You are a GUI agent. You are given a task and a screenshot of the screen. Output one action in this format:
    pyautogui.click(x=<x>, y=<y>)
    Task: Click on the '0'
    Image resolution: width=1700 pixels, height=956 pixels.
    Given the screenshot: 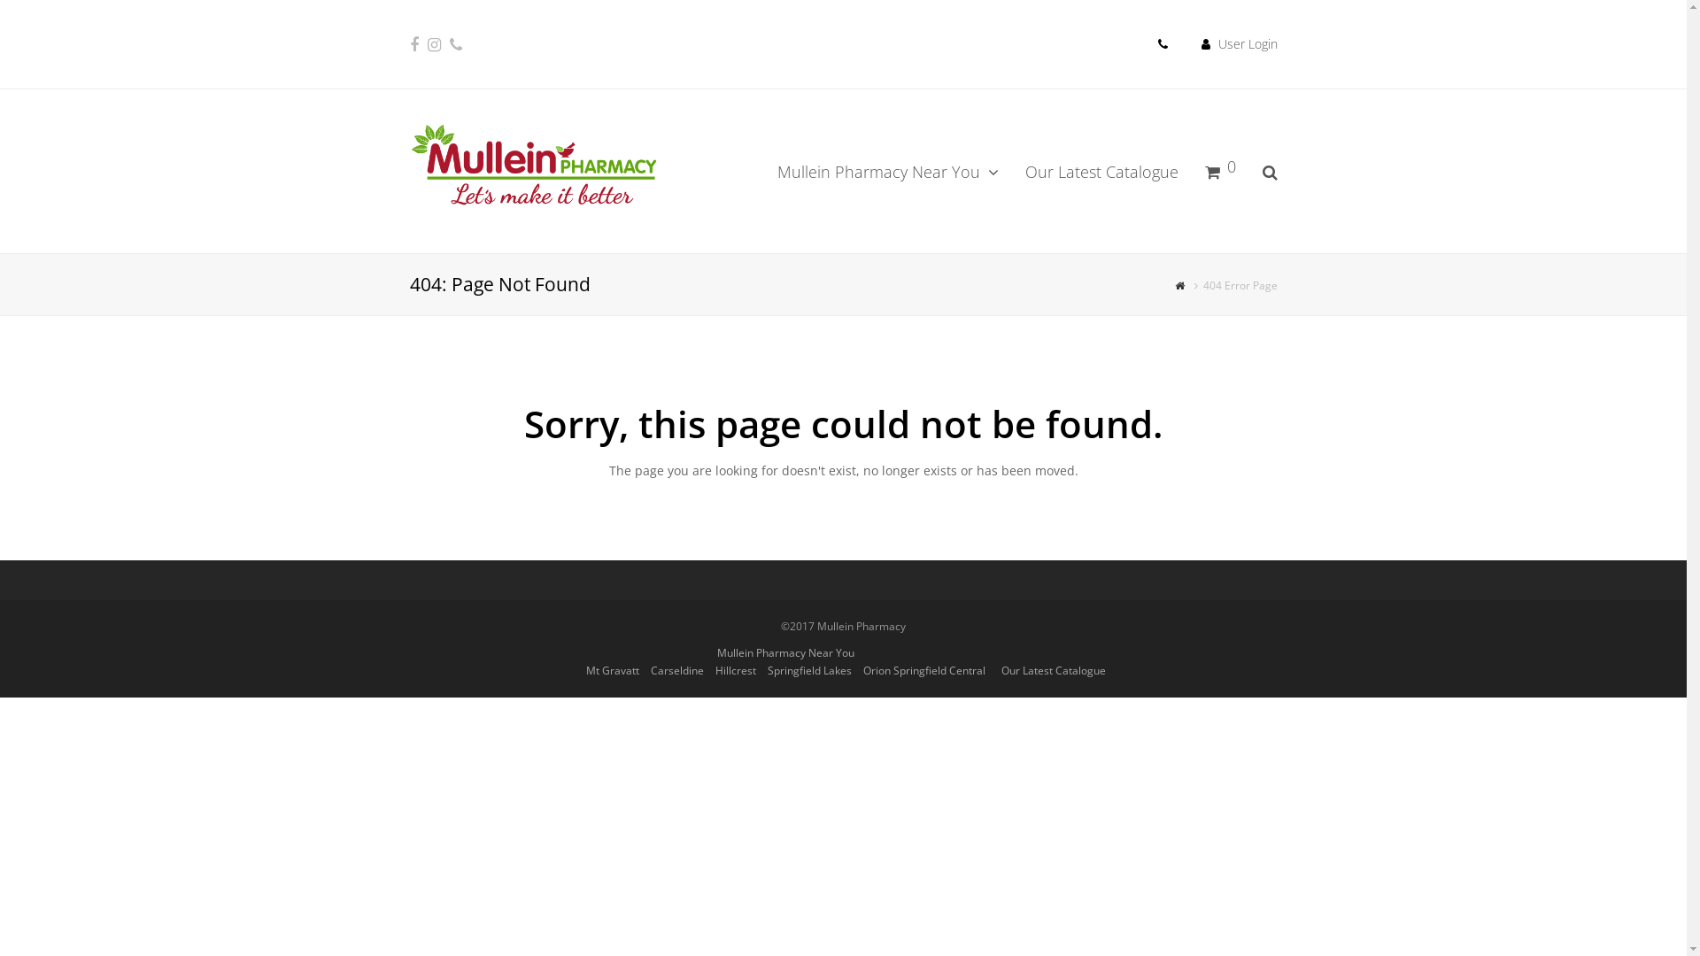 What is the action you would take?
    pyautogui.click(x=1219, y=170)
    